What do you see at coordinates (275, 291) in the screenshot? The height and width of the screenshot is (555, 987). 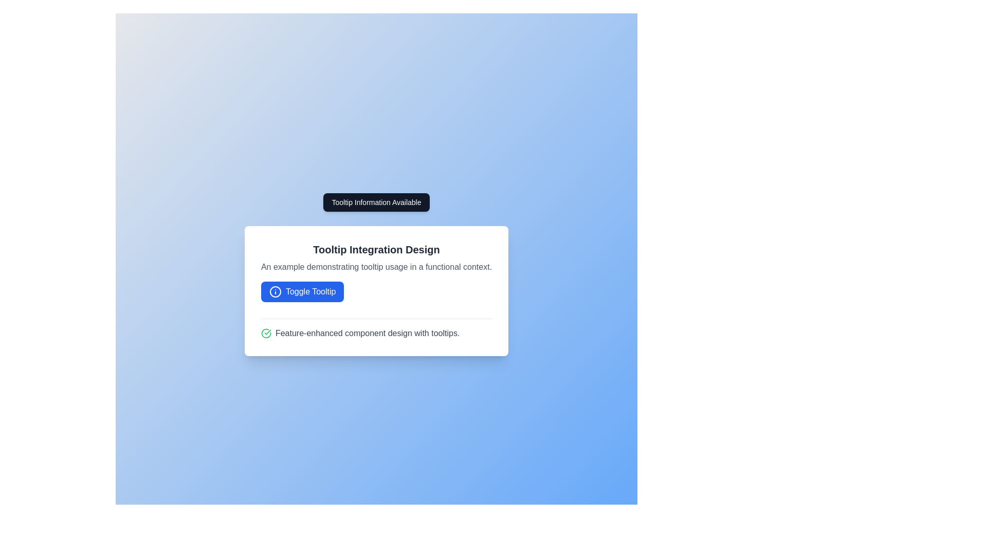 I see `the icon associated with the 'Toggle Tooltip' button to interact with it` at bounding box center [275, 291].